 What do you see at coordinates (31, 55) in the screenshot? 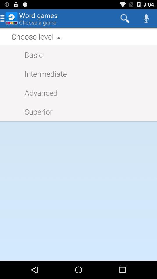
I see `icon above the intermediate app` at bounding box center [31, 55].